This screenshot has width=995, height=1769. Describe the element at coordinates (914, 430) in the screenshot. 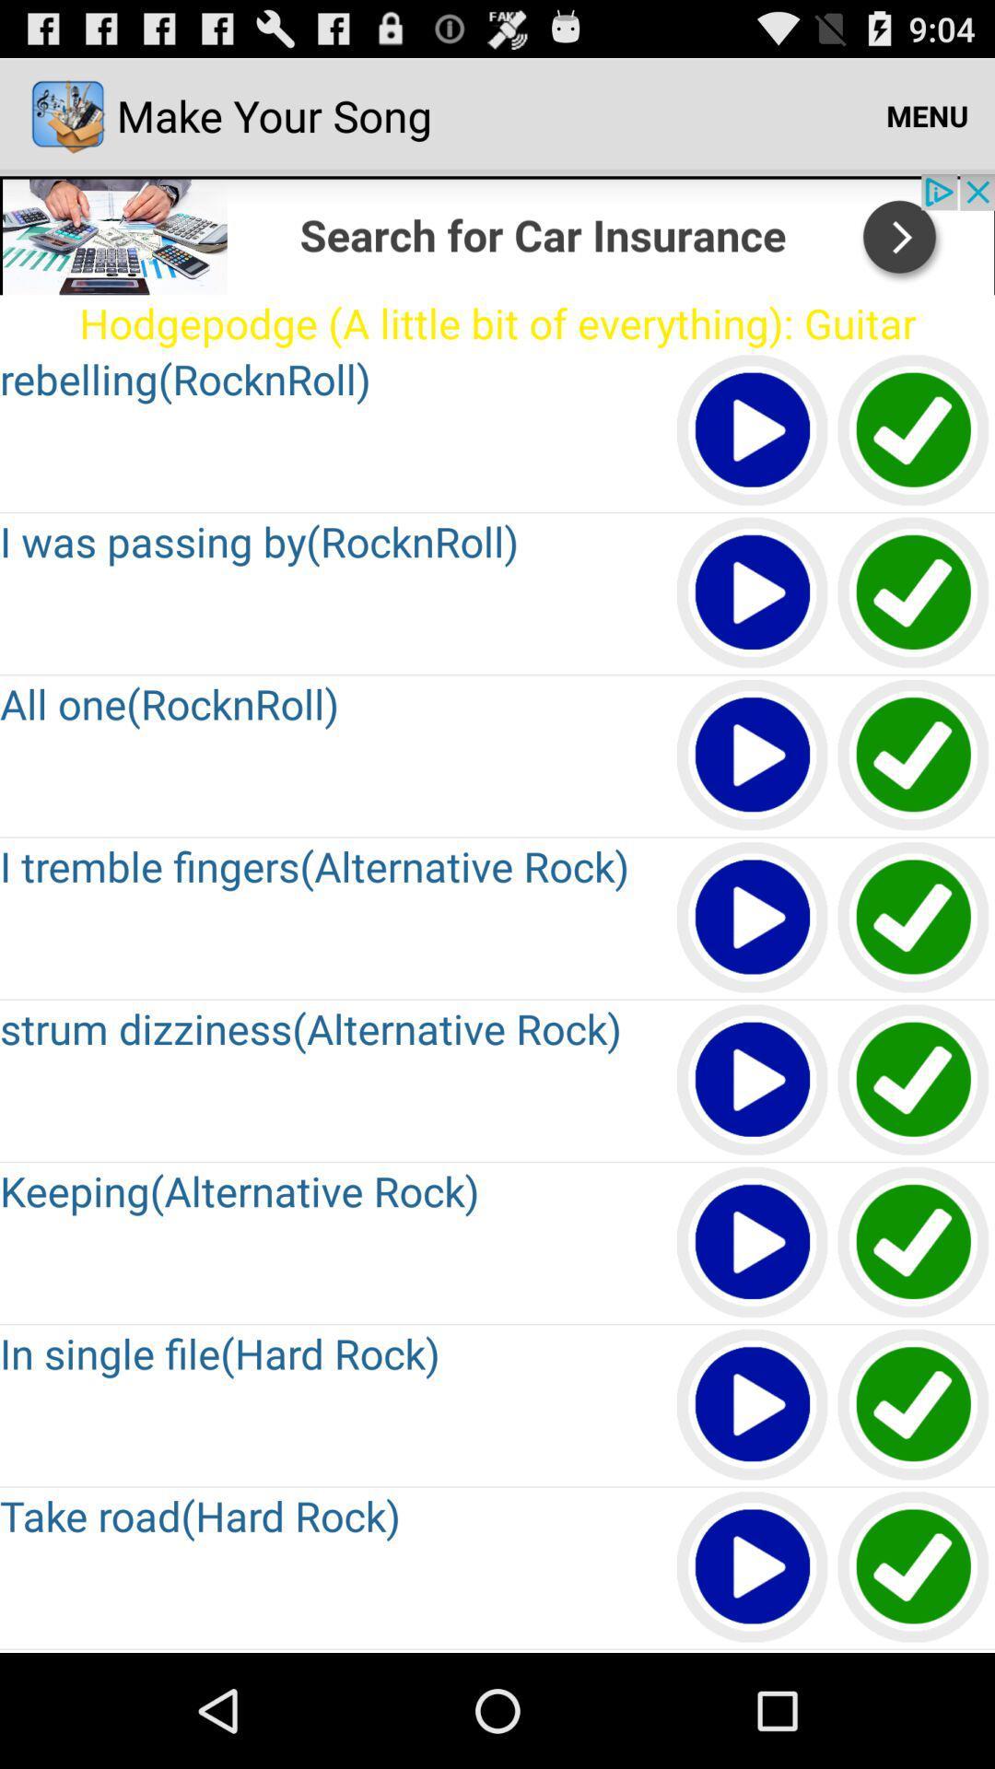

I see `right button` at that location.